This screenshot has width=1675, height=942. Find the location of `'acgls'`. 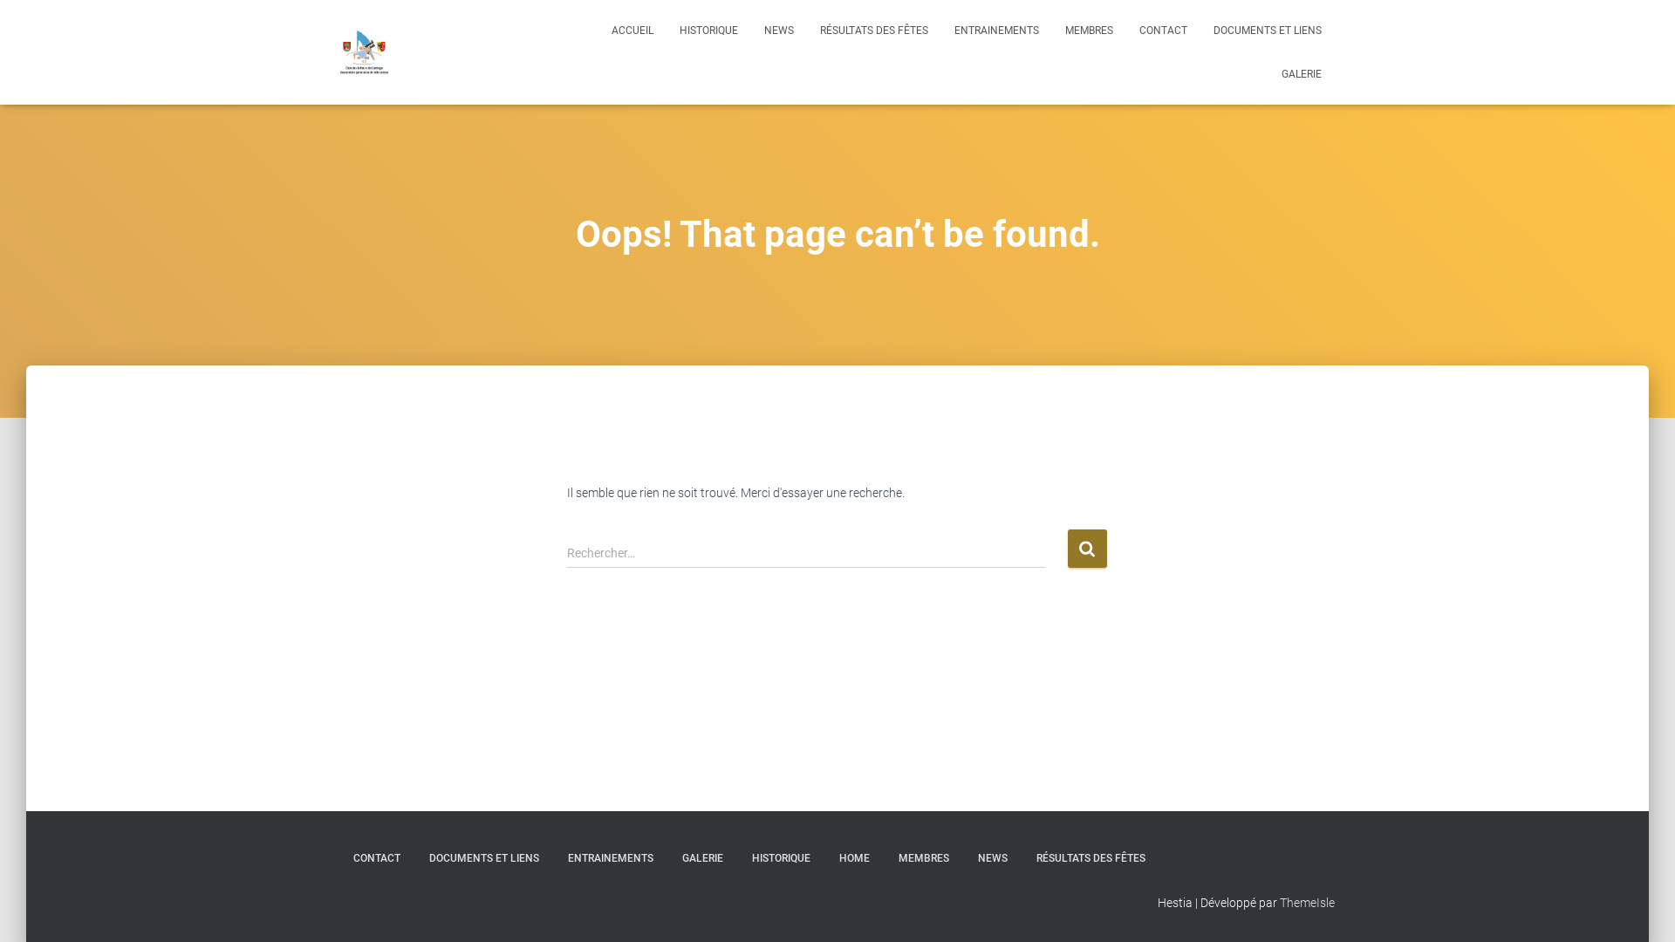

'acgls' is located at coordinates (363, 51).